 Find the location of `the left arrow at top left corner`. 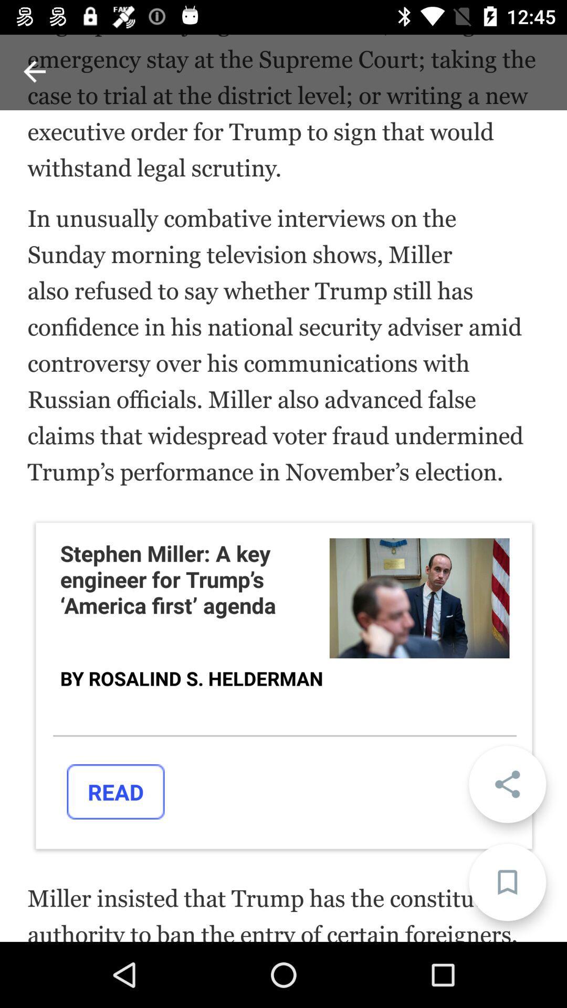

the left arrow at top left corner is located at coordinates (34, 71).